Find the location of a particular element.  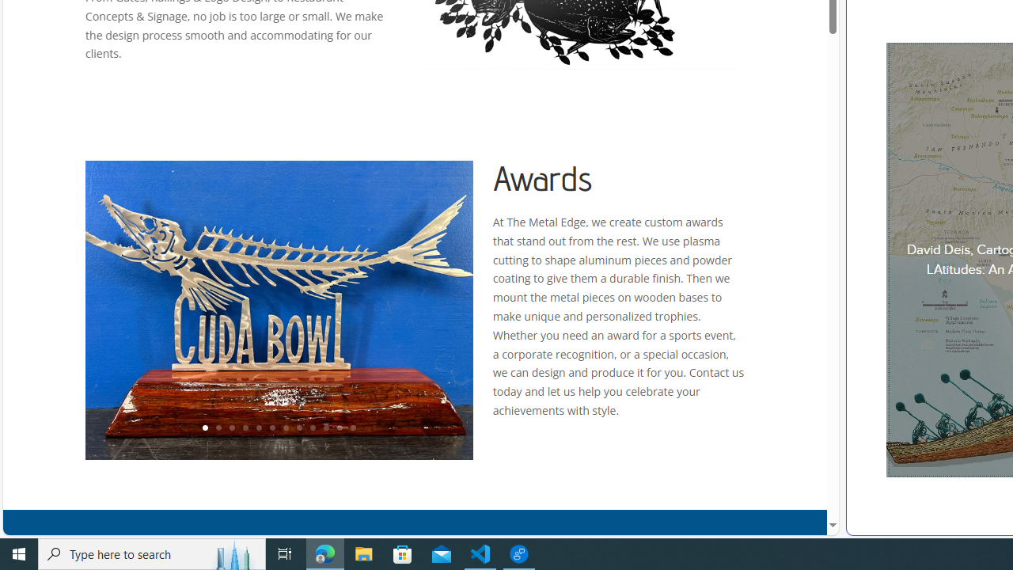

'3' is located at coordinates (231, 428).